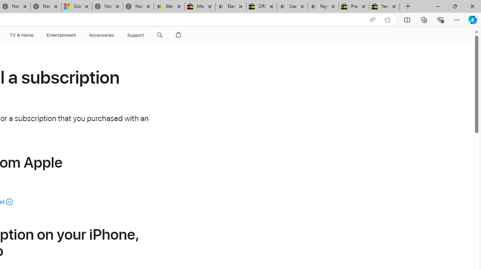  What do you see at coordinates (457, 19) in the screenshot?
I see `'Settings and more (Alt+F)'` at bounding box center [457, 19].